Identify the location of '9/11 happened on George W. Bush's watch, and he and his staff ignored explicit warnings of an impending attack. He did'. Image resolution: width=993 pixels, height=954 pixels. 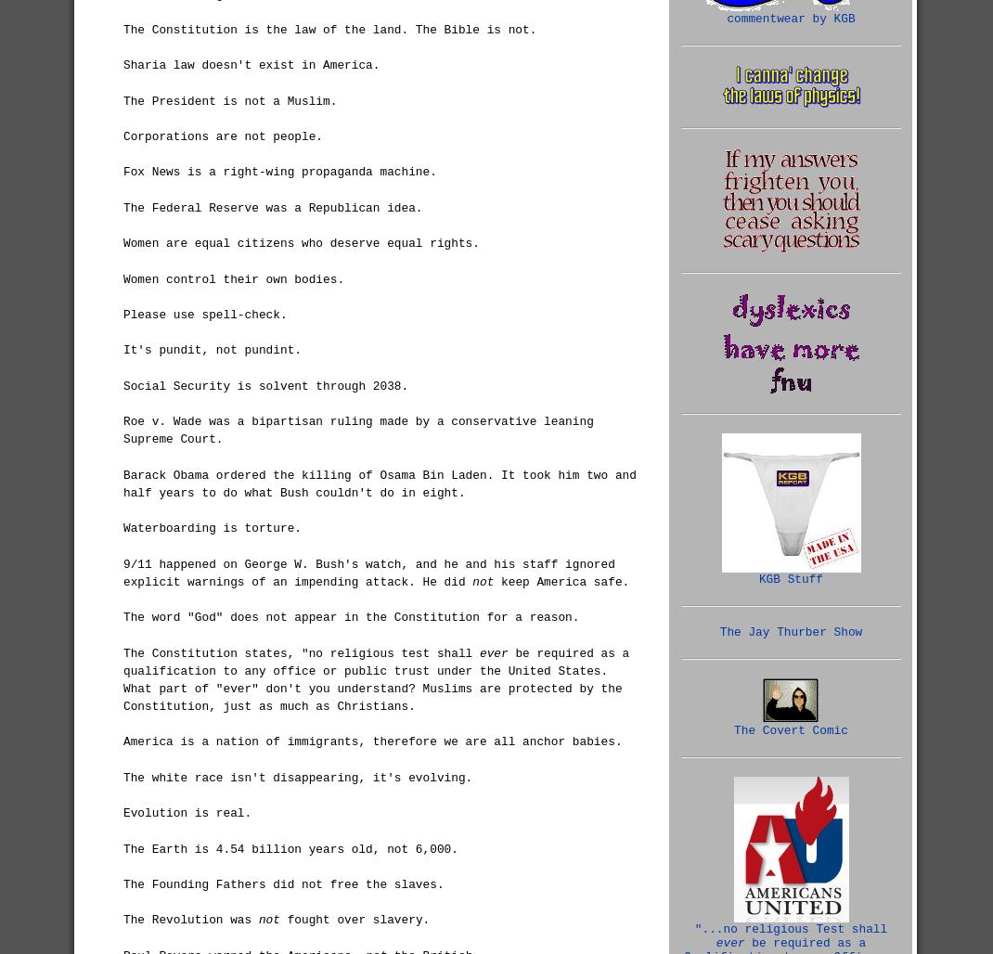
(368, 572).